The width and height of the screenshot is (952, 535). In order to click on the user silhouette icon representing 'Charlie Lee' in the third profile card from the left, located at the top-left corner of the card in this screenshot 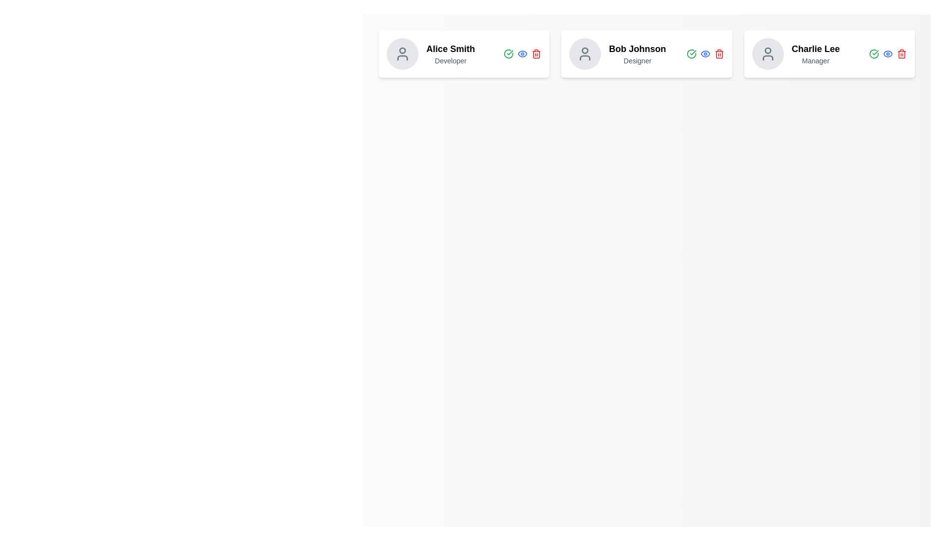, I will do `click(767, 53)`.